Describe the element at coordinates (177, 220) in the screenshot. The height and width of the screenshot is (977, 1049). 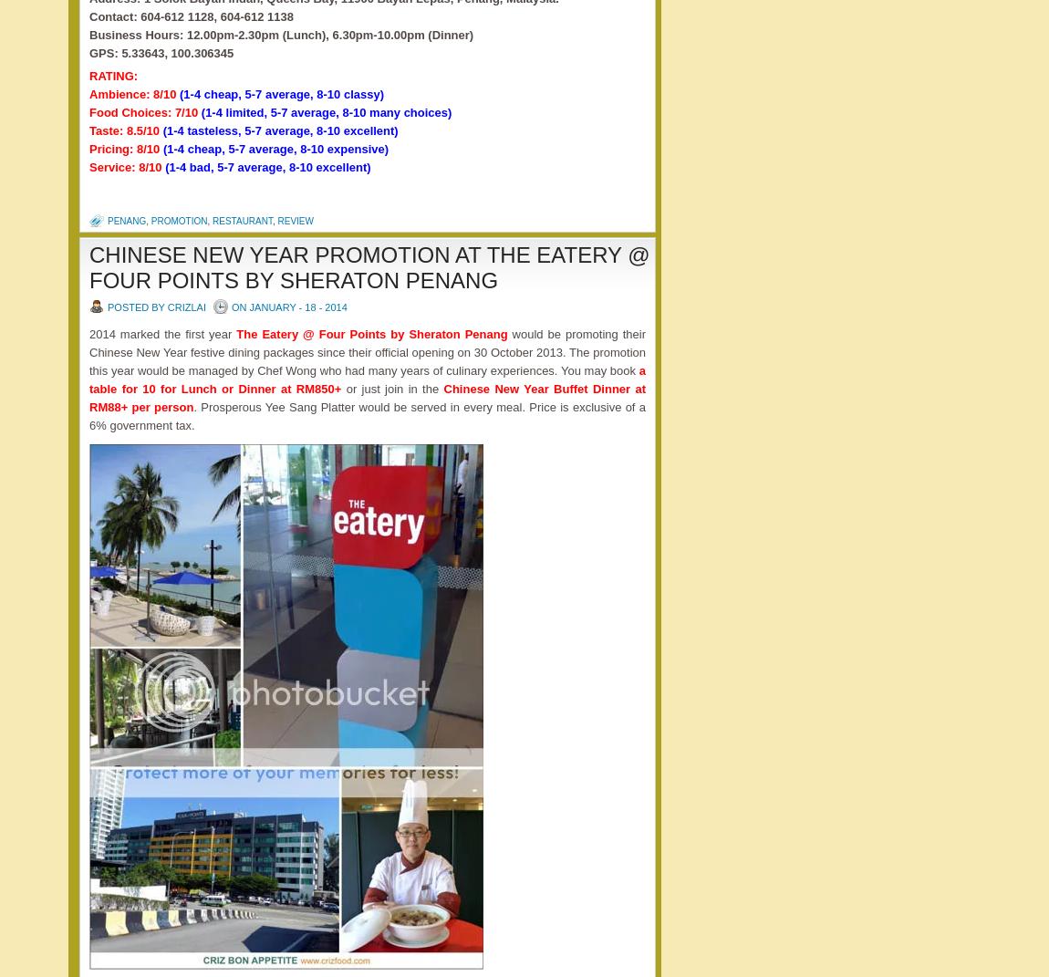
I see `'promotion'` at that location.